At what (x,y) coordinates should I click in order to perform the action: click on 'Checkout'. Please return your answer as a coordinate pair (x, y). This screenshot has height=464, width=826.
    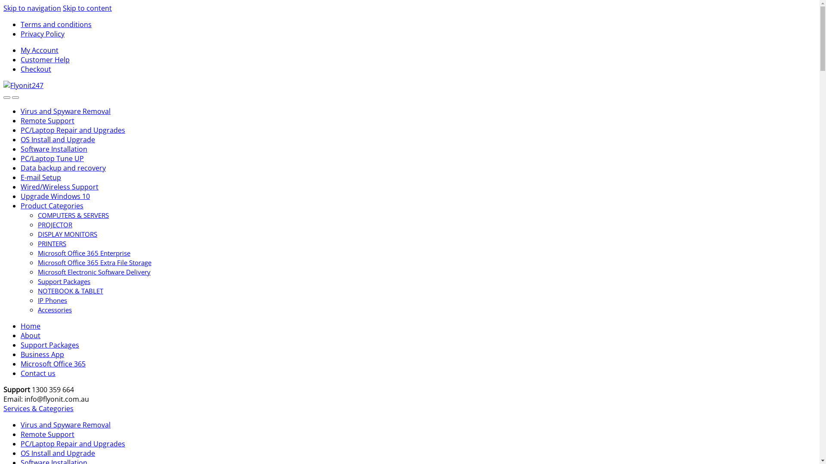
    Looking at the image, I should click on (35, 69).